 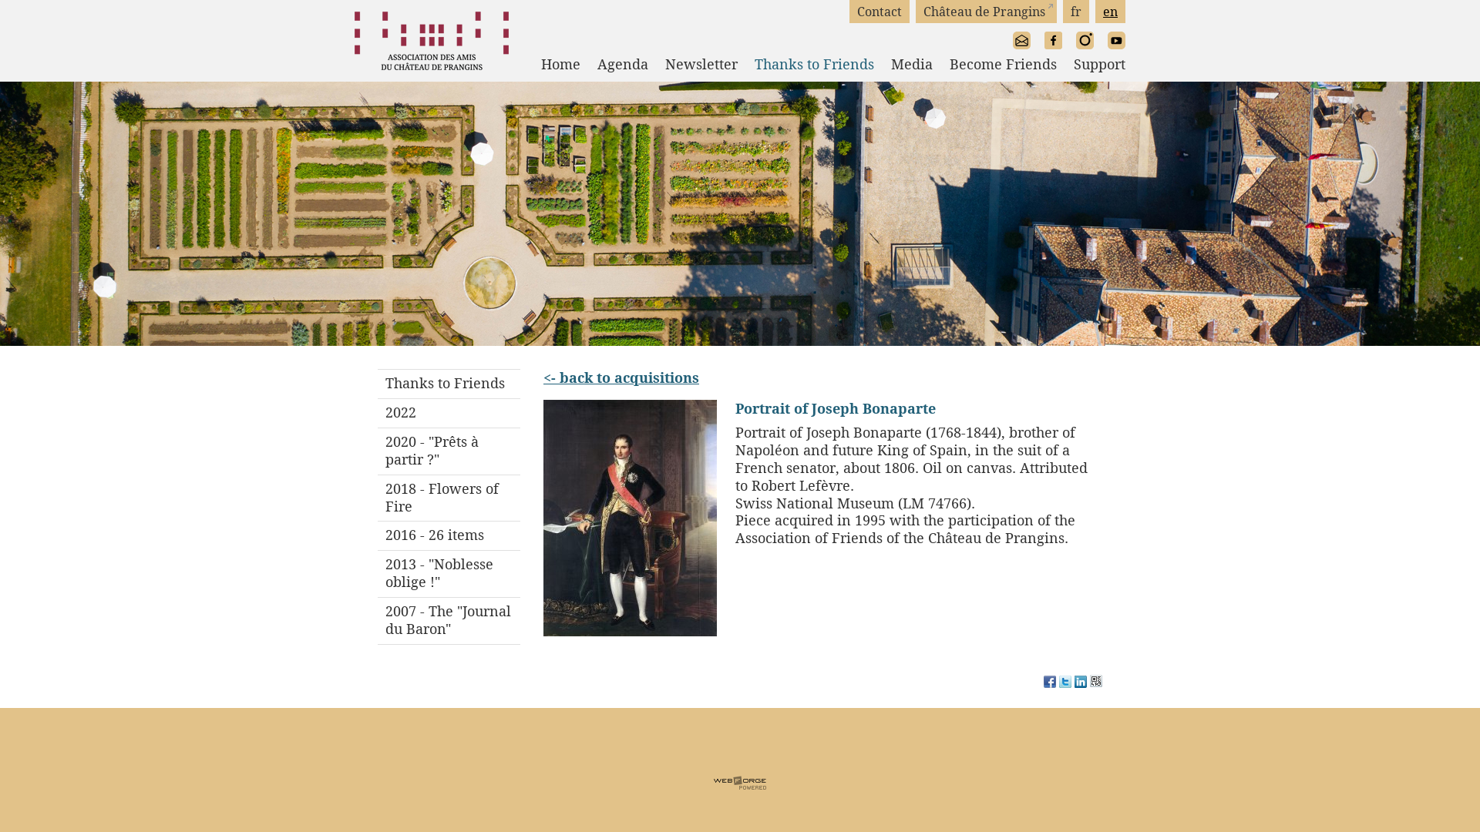 I want to click on '2022', so click(x=448, y=412).